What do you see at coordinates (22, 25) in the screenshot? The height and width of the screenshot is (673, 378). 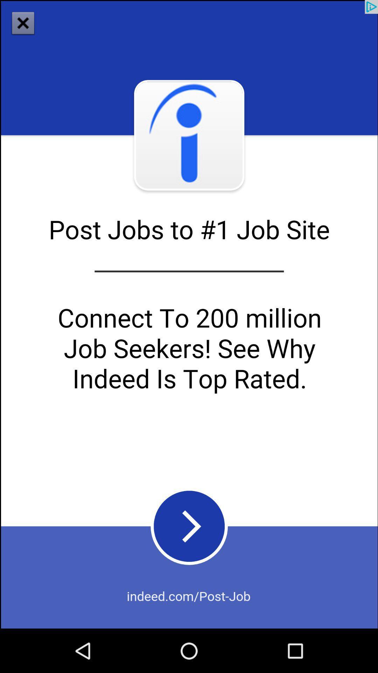 I see `the close icon` at bounding box center [22, 25].